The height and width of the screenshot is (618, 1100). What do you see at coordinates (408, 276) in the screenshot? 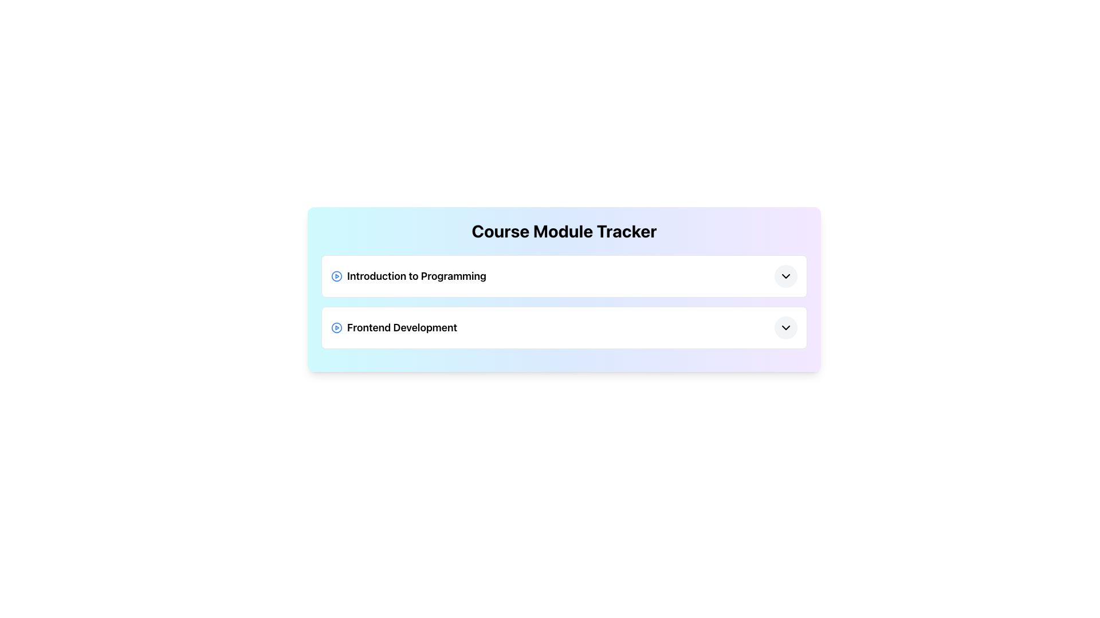
I see `the text label that reads 'Introduction to Programming', styled with a bold font and located to the right of a circular blue play icon` at bounding box center [408, 276].